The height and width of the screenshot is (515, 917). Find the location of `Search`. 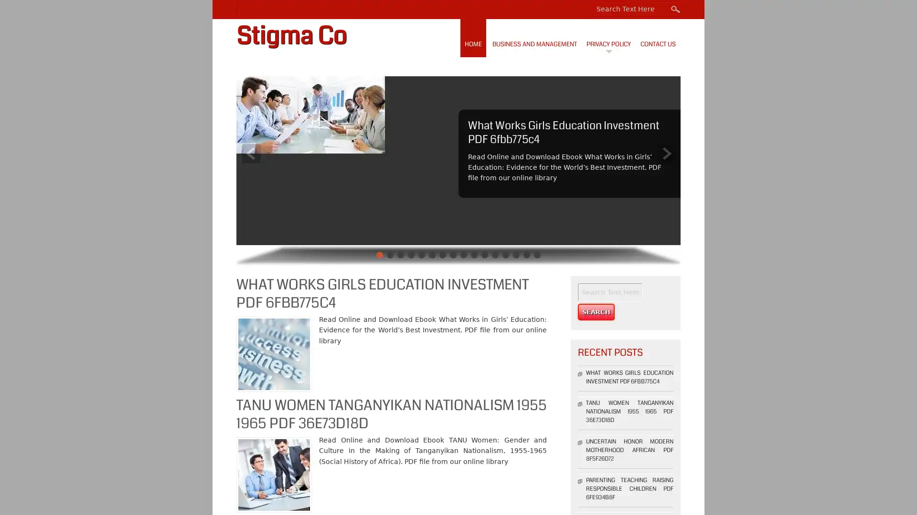

Search is located at coordinates (596, 312).